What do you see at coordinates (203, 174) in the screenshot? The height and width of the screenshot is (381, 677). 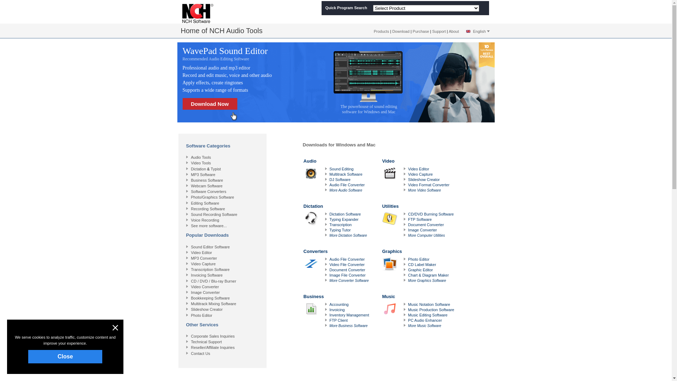 I see `'MP3 Software'` at bounding box center [203, 174].